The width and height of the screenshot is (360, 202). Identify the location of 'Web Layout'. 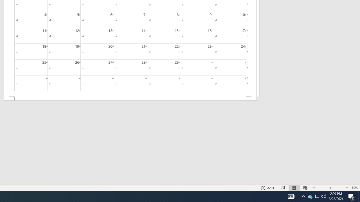
(305, 188).